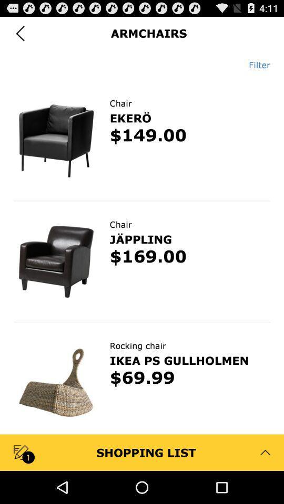 The image size is (284, 504). I want to click on icon below the chair item, so click(130, 118).